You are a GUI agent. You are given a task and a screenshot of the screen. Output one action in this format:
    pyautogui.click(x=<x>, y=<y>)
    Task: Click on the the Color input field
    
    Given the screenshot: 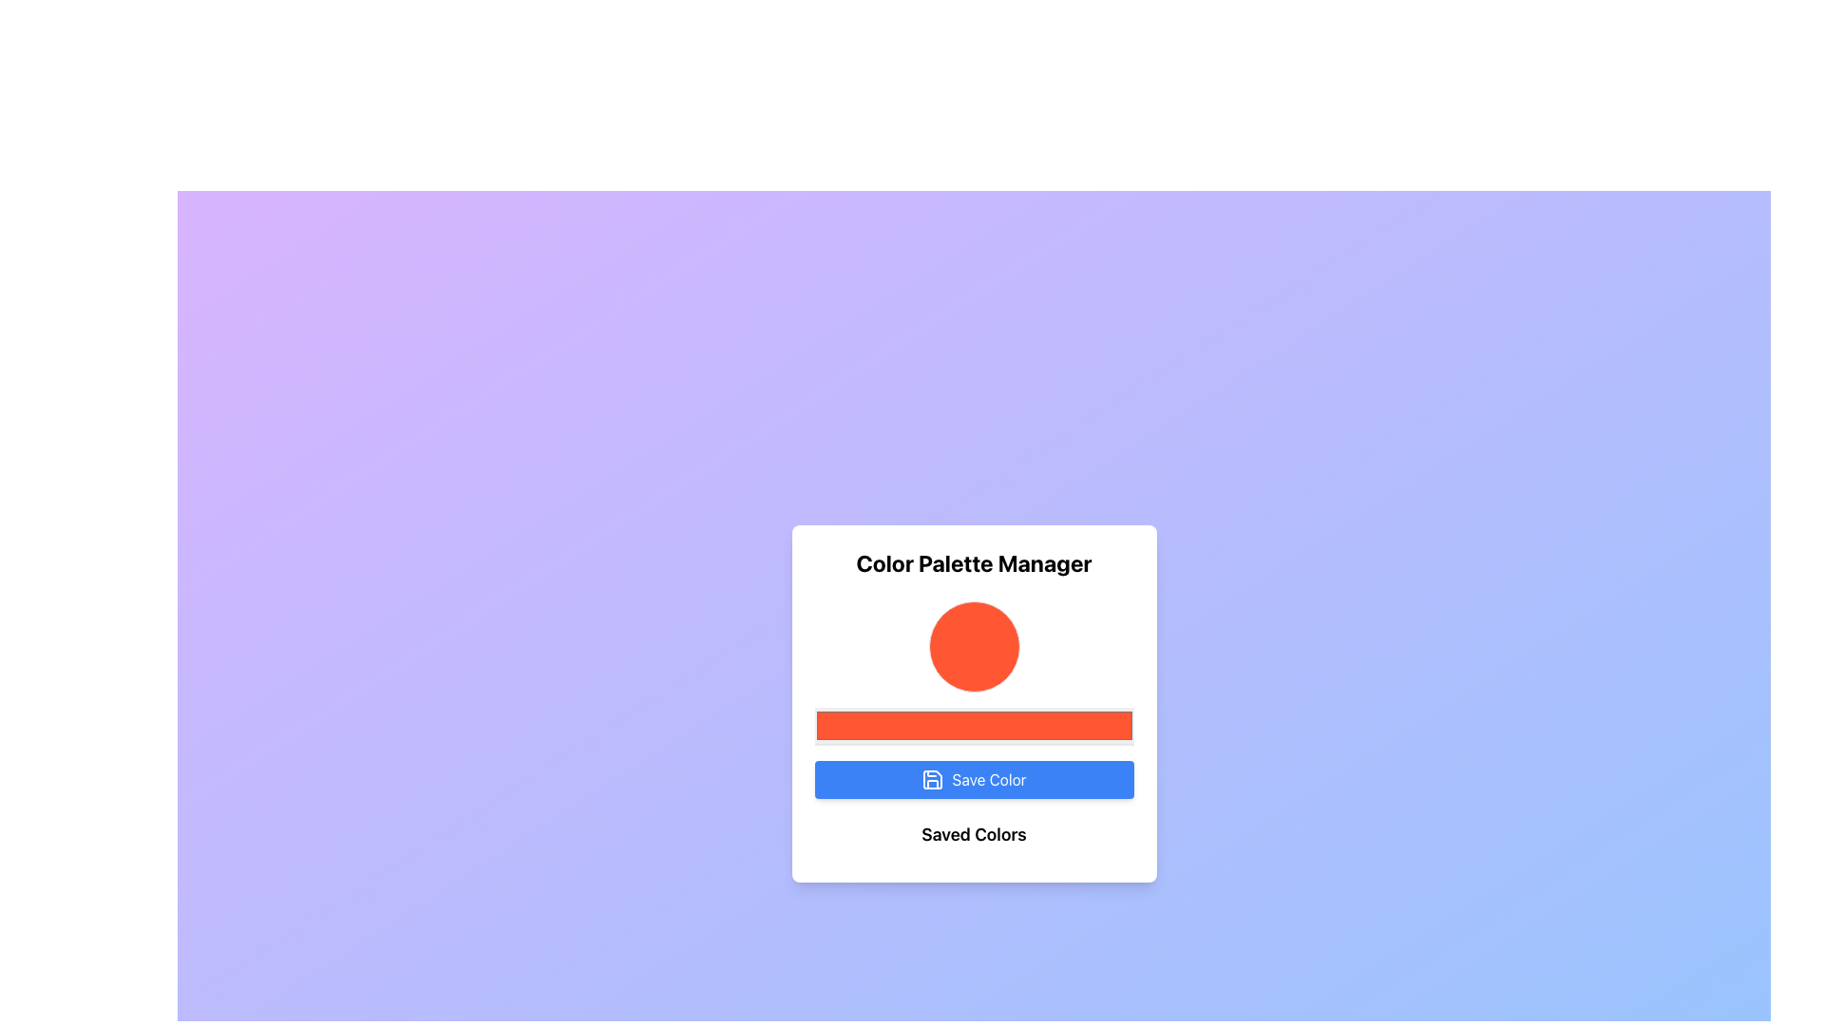 What is the action you would take?
    pyautogui.click(x=974, y=726)
    